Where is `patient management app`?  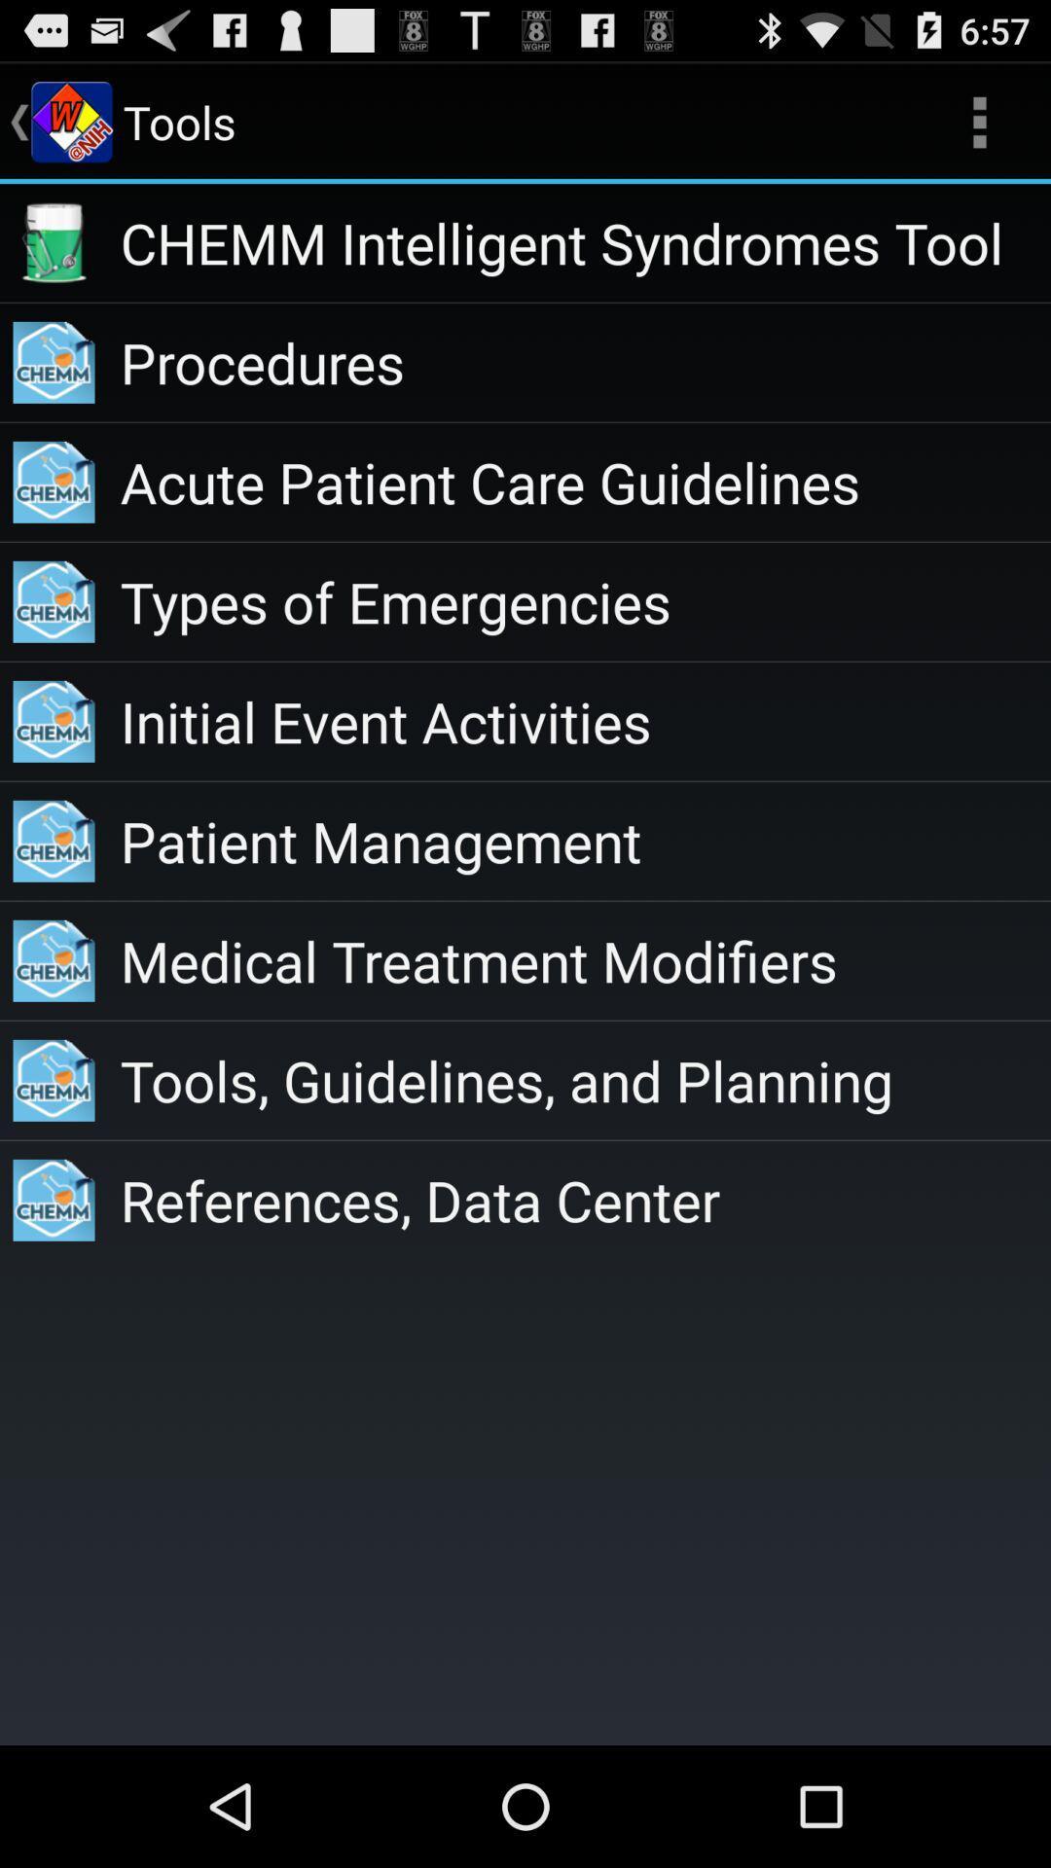
patient management app is located at coordinates (584, 841).